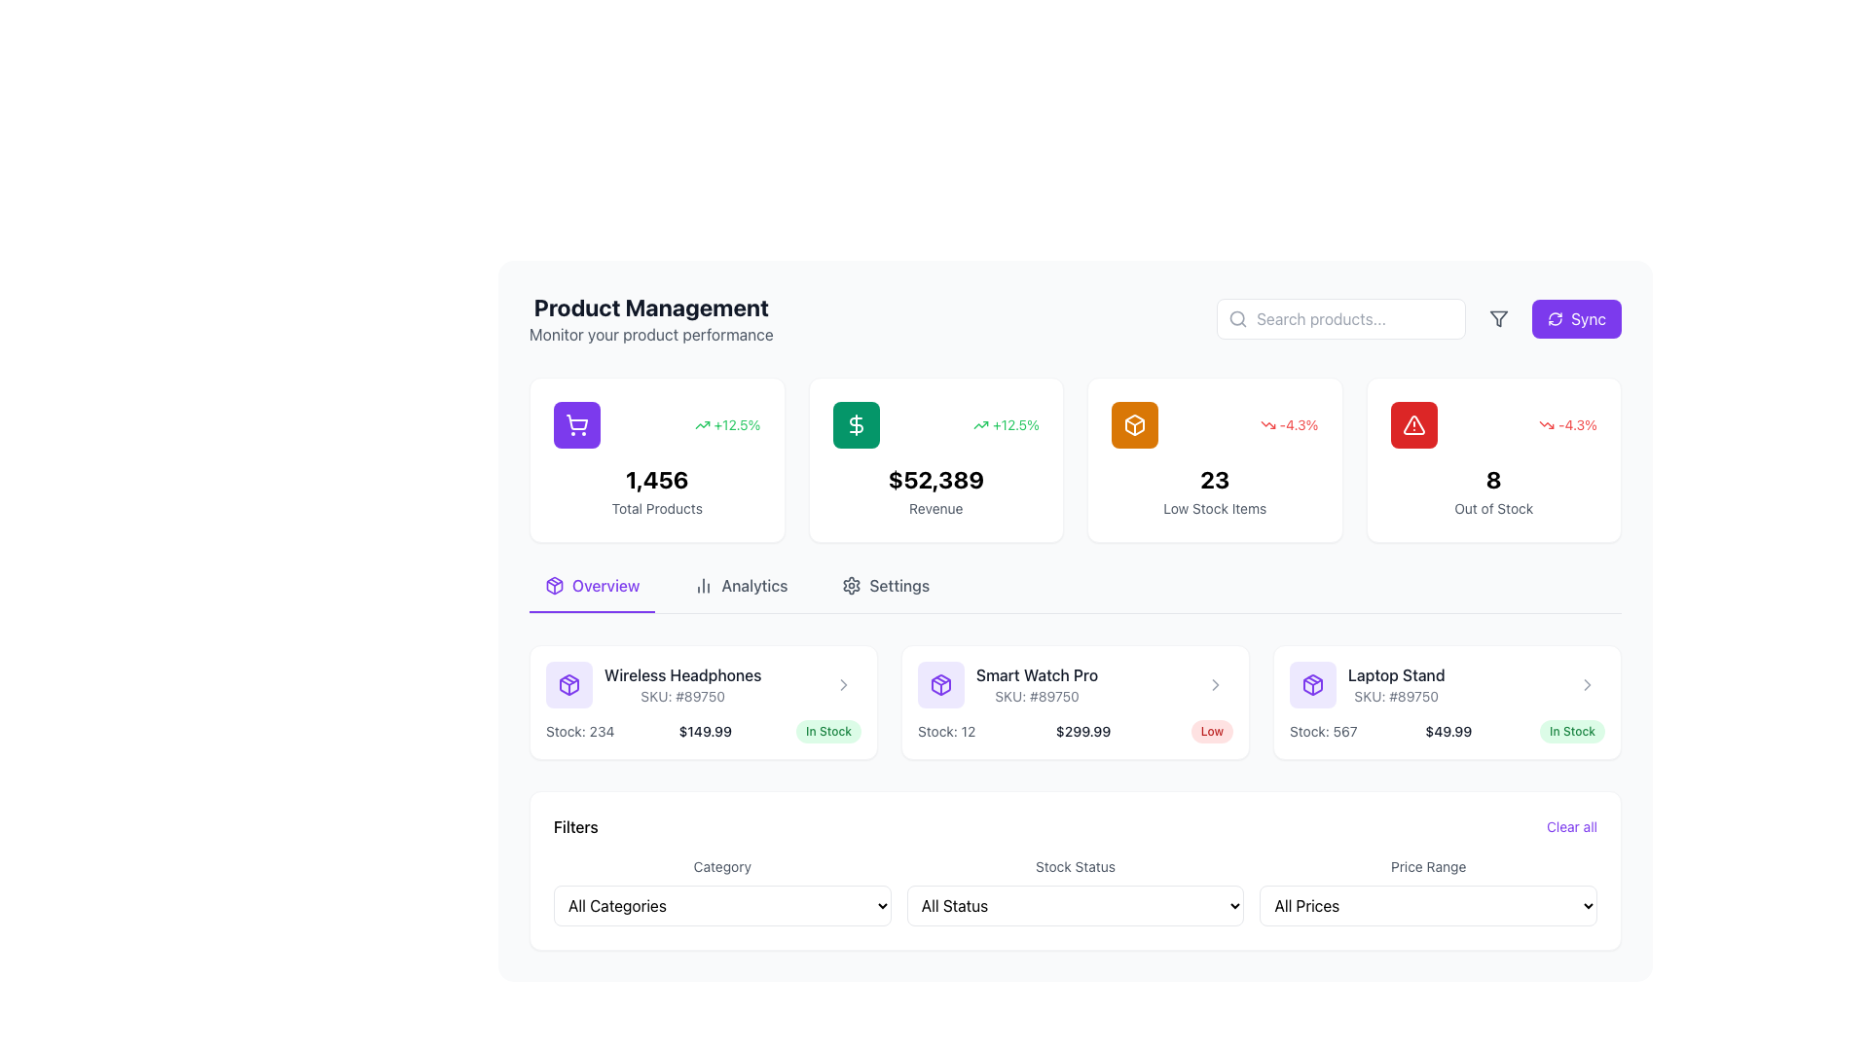  Describe the element at coordinates (1135, 423) in the screenshot. I see `the decorative icon indicating low-stock items located within the orange tile displaying the number 23 and the header 'Low Stock Items'` at that location.